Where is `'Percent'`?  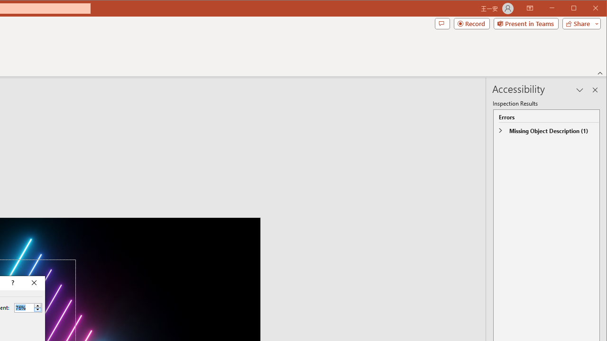
'Percent' is located at coordinates (24, 307).